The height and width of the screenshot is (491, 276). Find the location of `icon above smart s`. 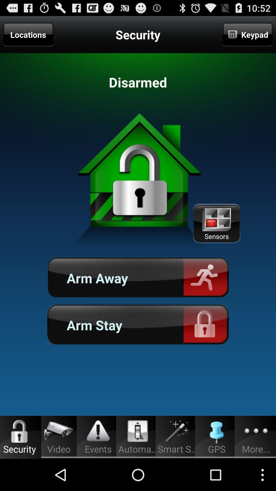

icon above smart s is located at coordinates (177, 431).